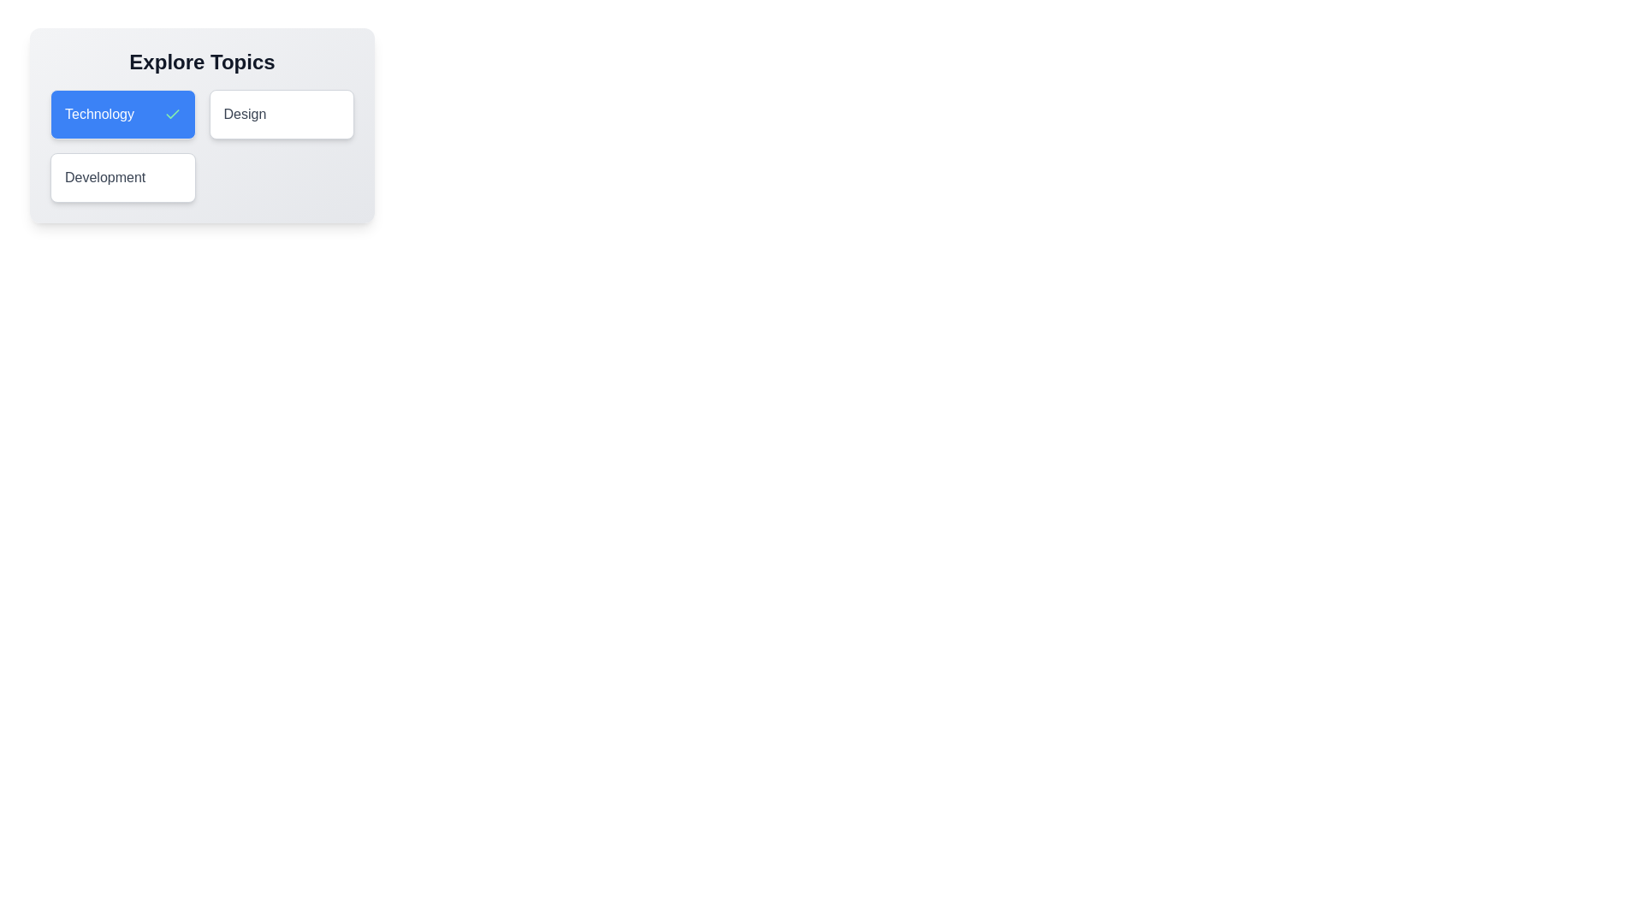 The height and width of the screenshot is (924, 1643). I want to click on the tag Technology, so click(122, 115).